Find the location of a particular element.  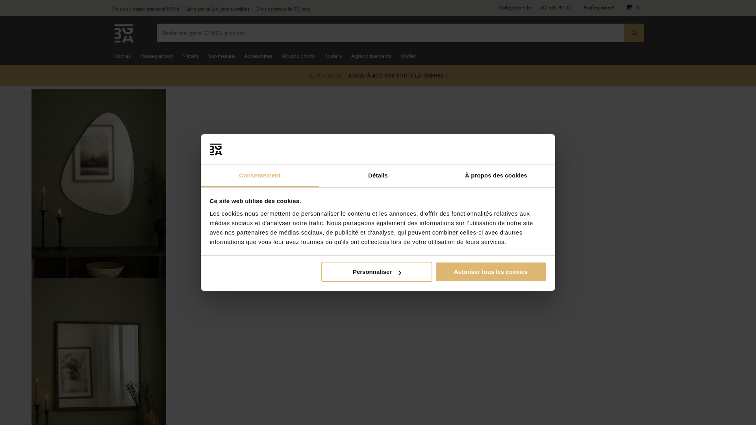

'02 588 89 22' is located at coordinates (555, 7).